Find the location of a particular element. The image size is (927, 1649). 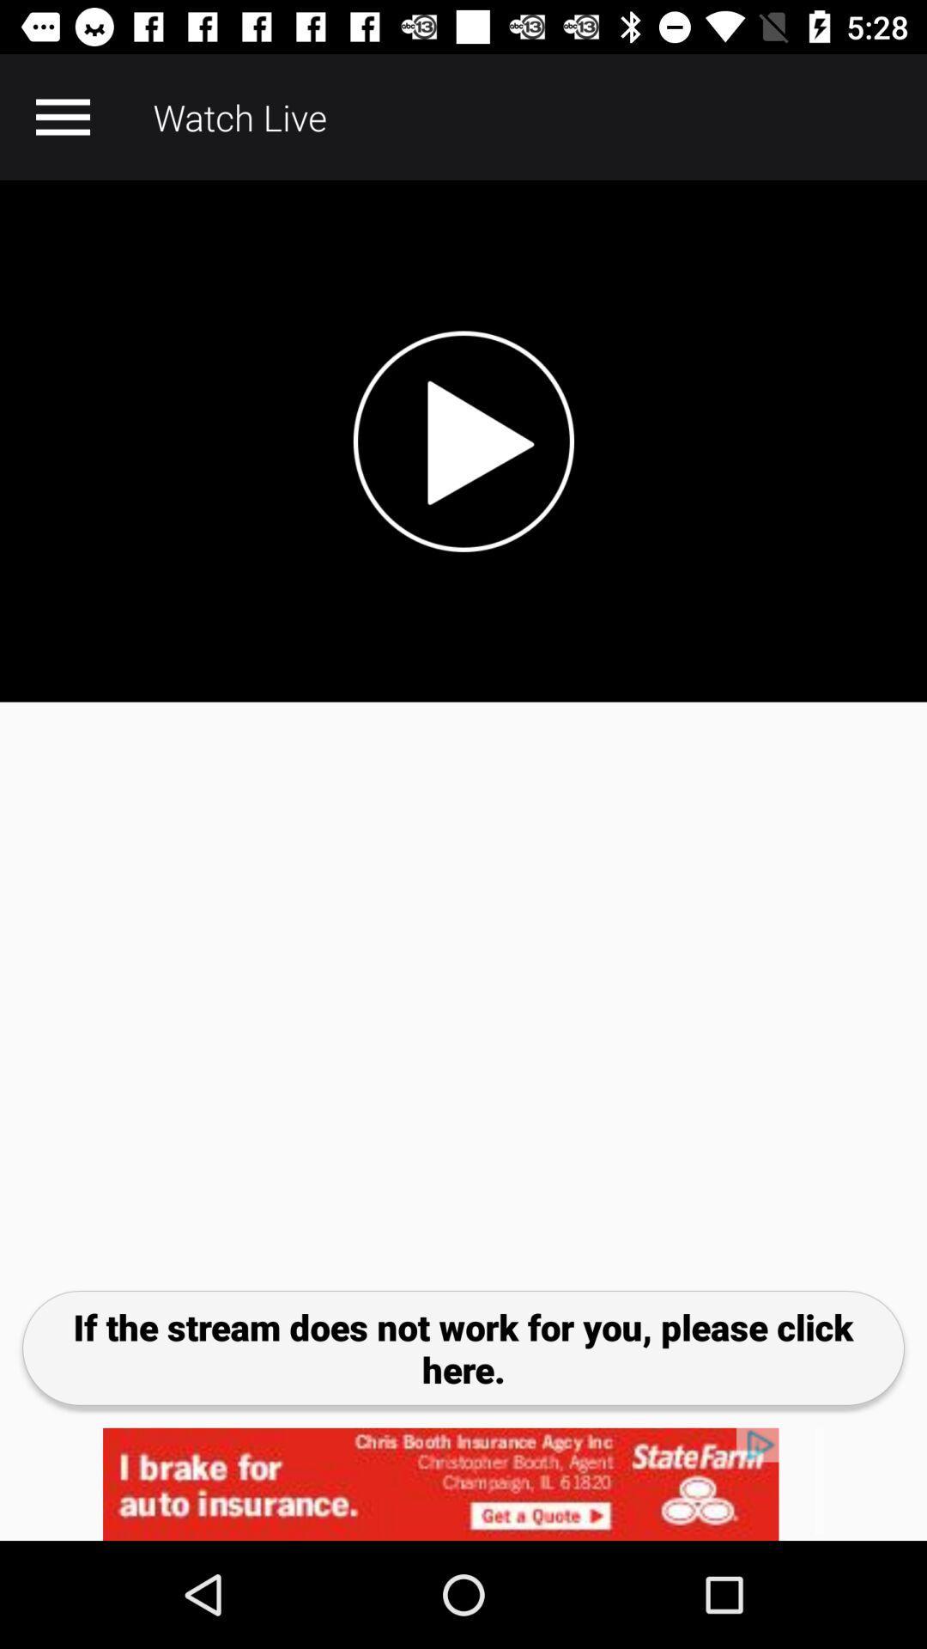

open advertisement is located at coordinates (463, 1483).